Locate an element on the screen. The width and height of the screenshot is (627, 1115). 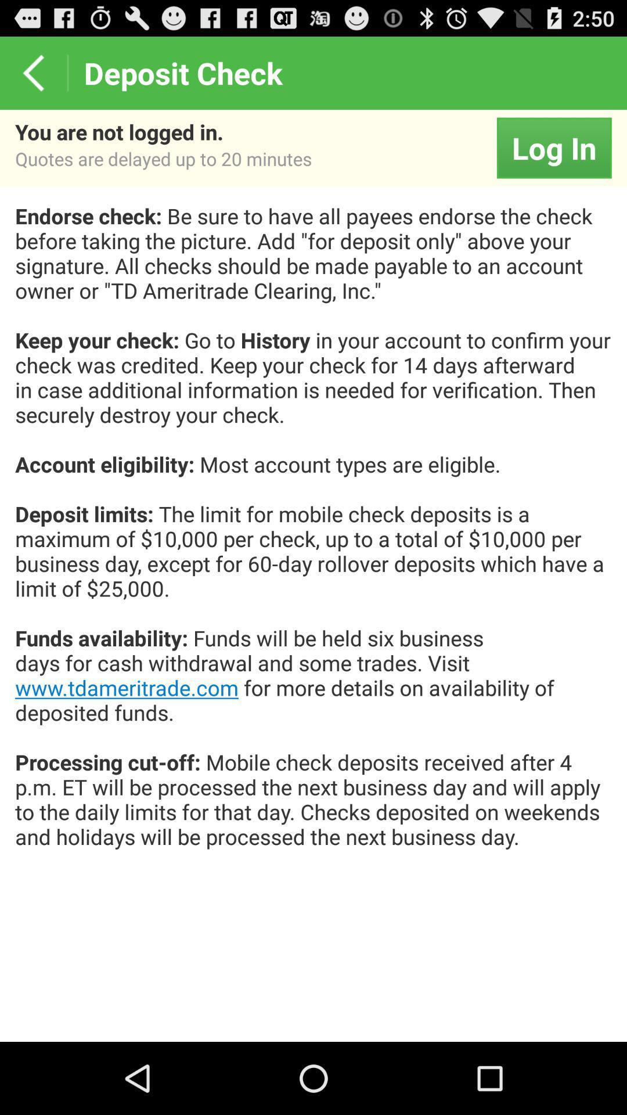
log in item is located at coordinates (553, 147).